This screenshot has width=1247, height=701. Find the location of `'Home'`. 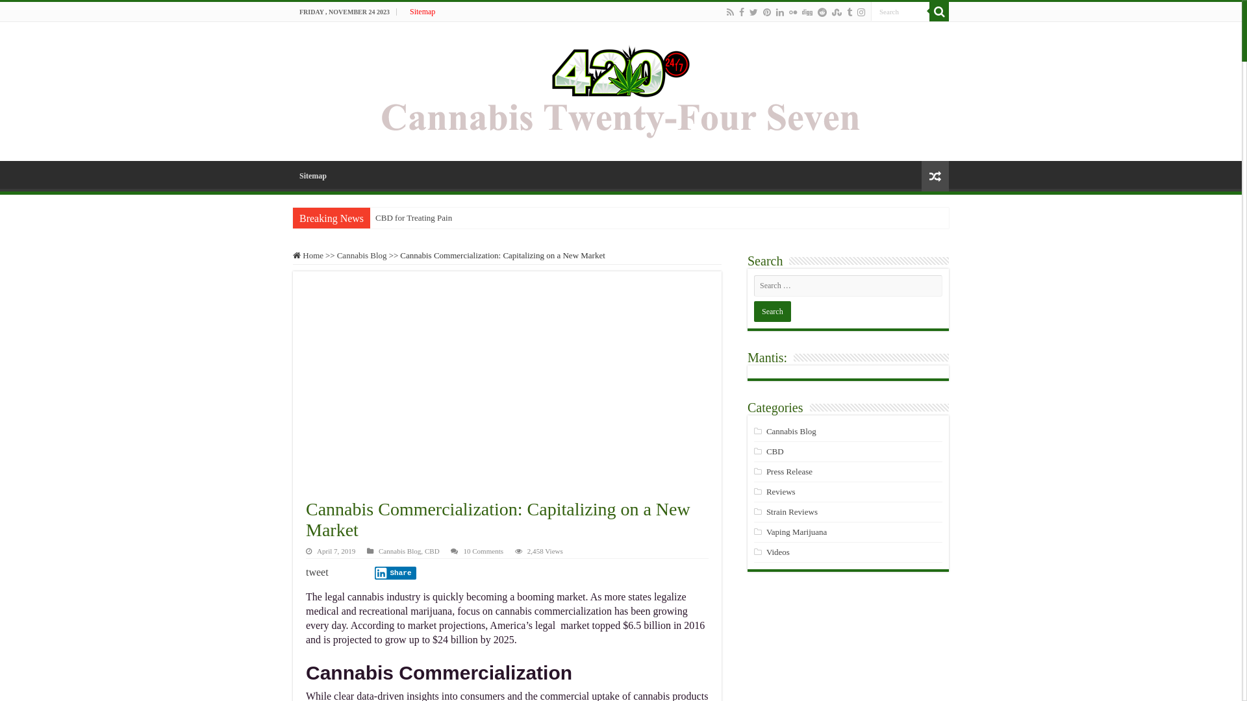

'Home' is located at coordinates (307, 255).